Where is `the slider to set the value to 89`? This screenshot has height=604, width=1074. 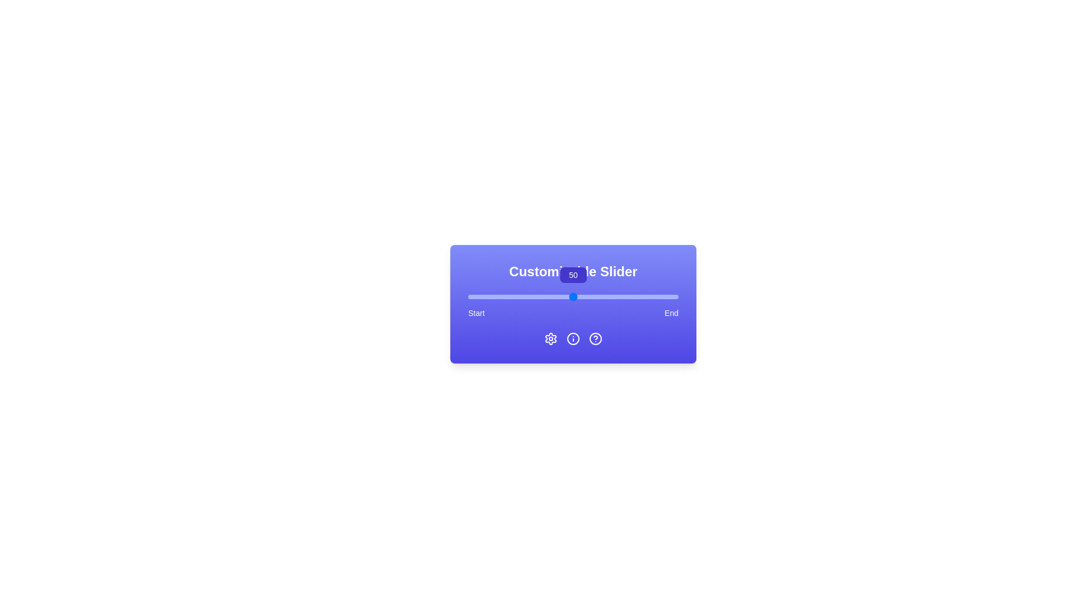
the slider to set the value to 89 is located at coordinates (655, 296).